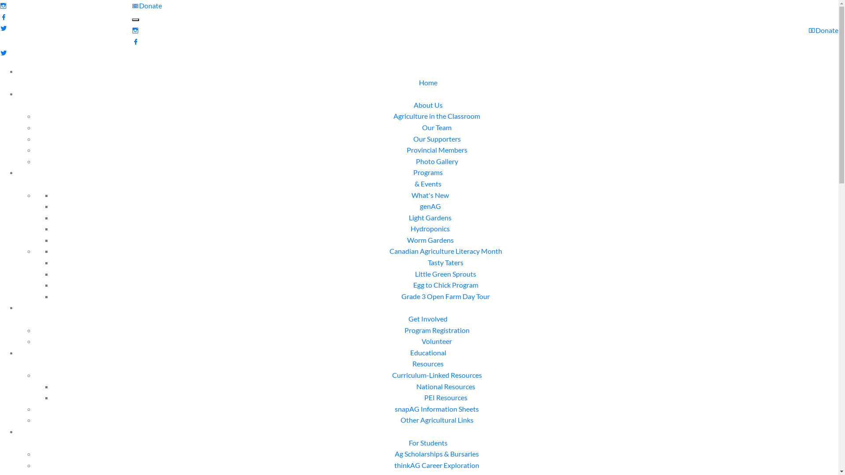 The image size is (845, 475). Describe the element at coordinates (408, 324) in the screenshot. I see `'Get Involved'` at that location.